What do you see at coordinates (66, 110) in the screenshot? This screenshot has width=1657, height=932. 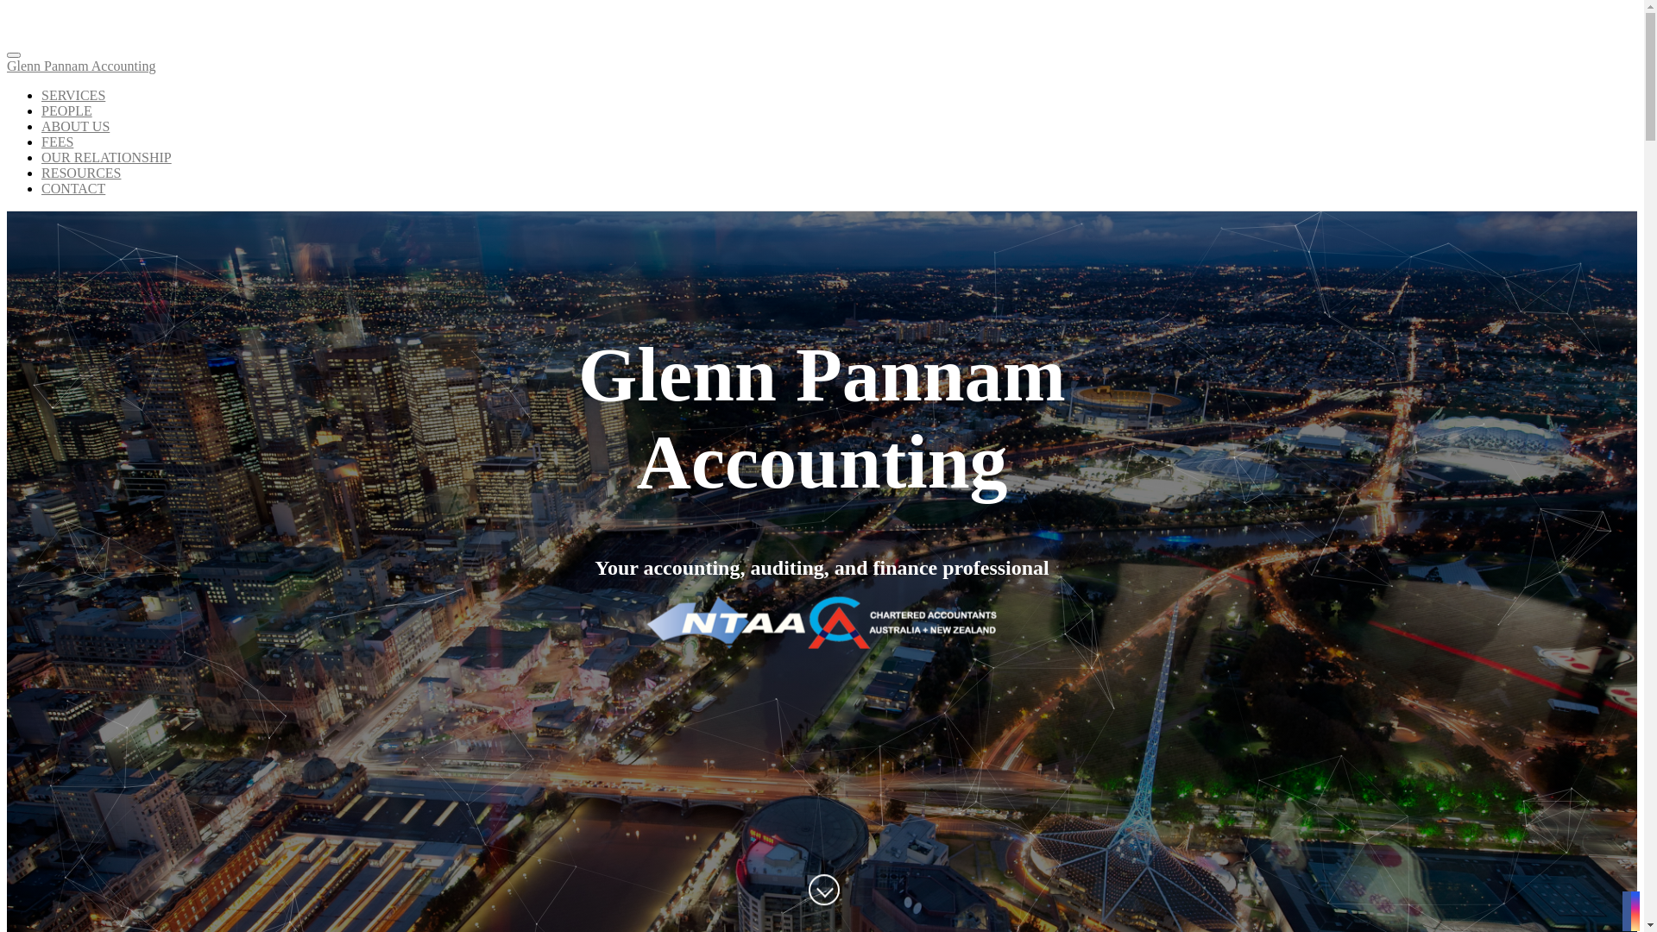 I see `'PEOPLE'` at bounding box center [66, 110].